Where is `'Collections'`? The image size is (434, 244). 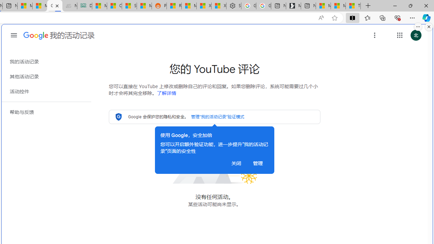 'Collections' is located at coordinates (382, 17).